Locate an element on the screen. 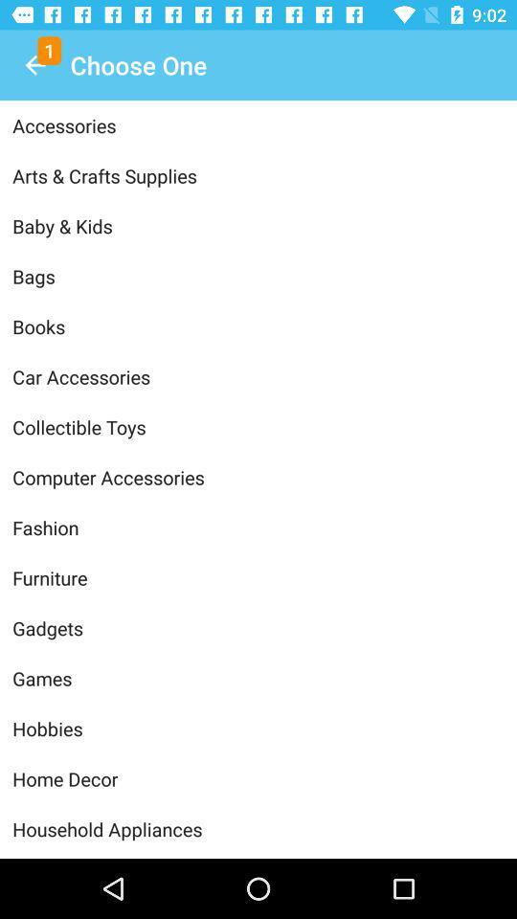  the item next to choose one is located at coordinates (34, 65).